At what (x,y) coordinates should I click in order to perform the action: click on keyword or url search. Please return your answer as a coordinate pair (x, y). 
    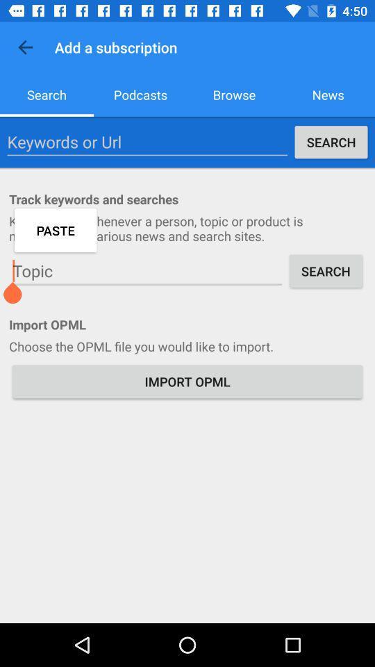
    Looking at the image, I should click on (147, 142).